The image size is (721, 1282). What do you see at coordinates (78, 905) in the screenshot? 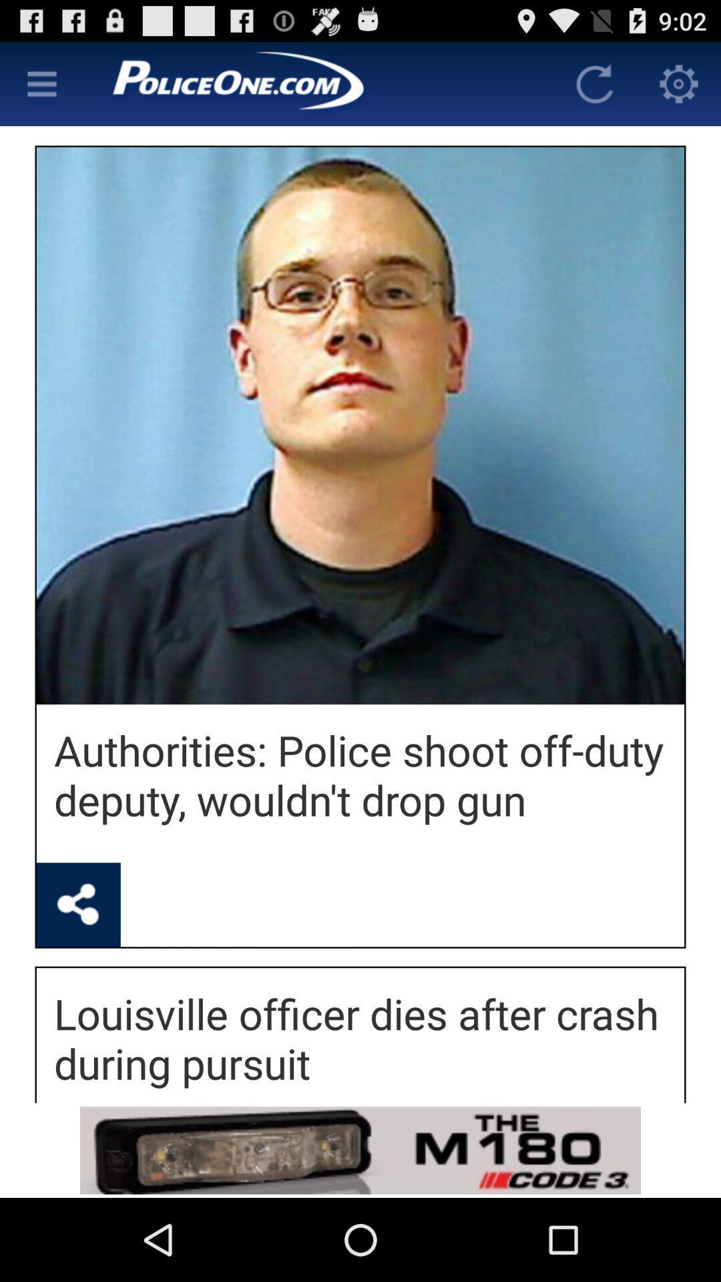
I see `share the article` at bounding box center [78, 905].